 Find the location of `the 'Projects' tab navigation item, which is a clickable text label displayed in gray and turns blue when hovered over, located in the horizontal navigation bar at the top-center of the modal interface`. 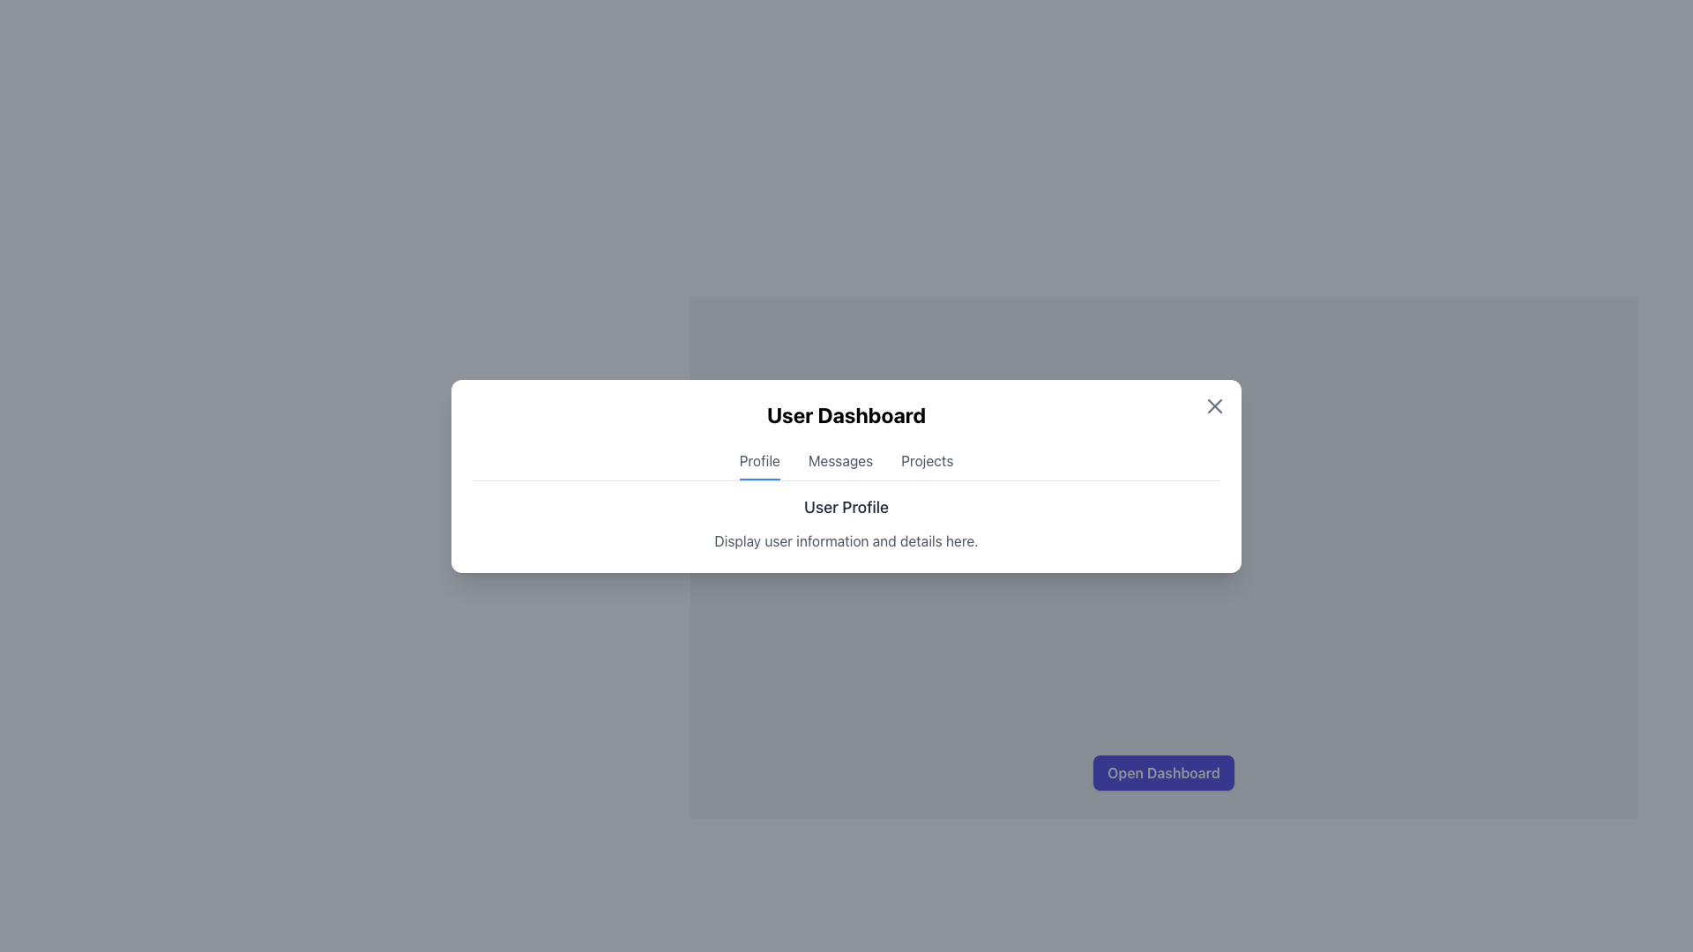

the 'Projects' tab navigation item, which is a clickable text label displayed in gray and turns blue when hovered over, located in the horizontal navigation bar at the top-center of the modal interface is located at coordinates (926, 464).